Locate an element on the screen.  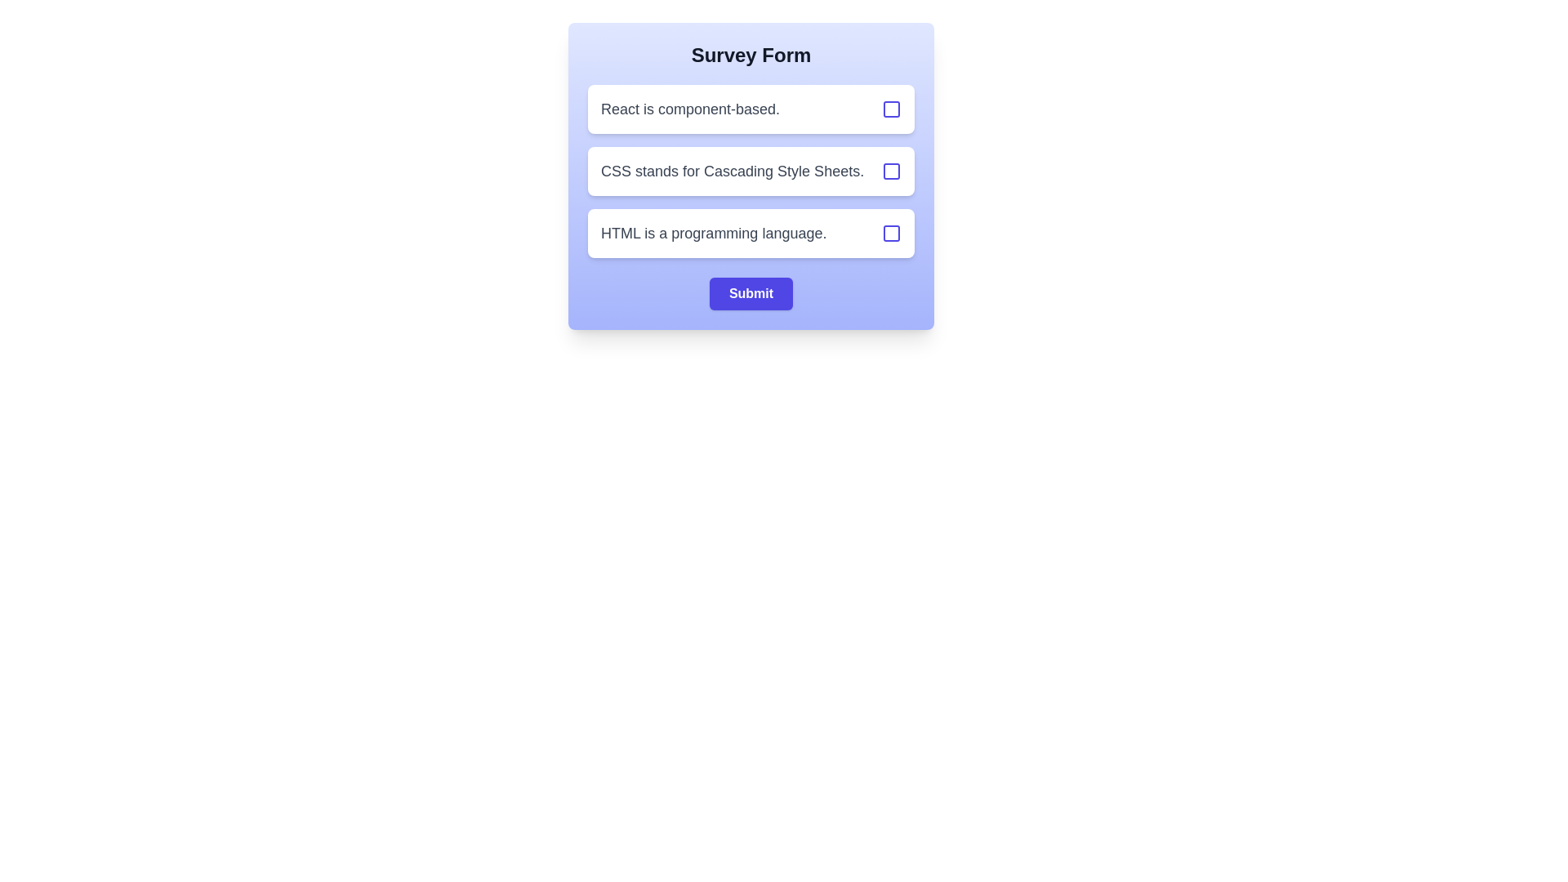
the option with text 'CSS stands for Cascading Style Sheets.' to observe its hover effect is located at coordinates (751, 171).